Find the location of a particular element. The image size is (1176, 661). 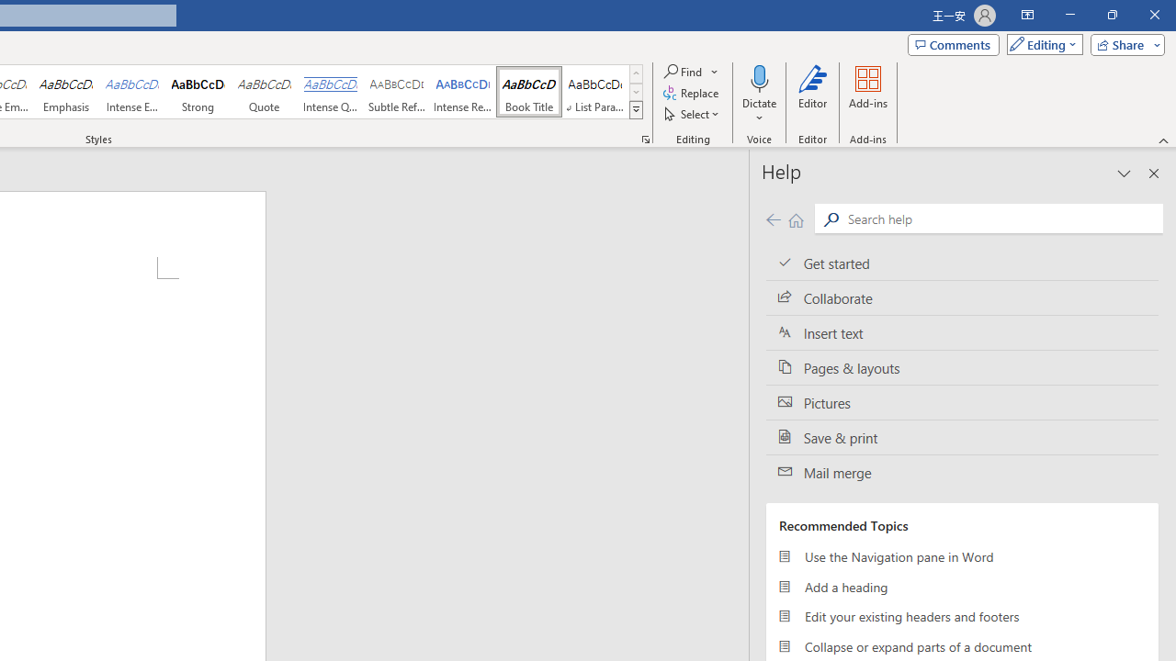

'More Options' is located at coordinates (759, 111).